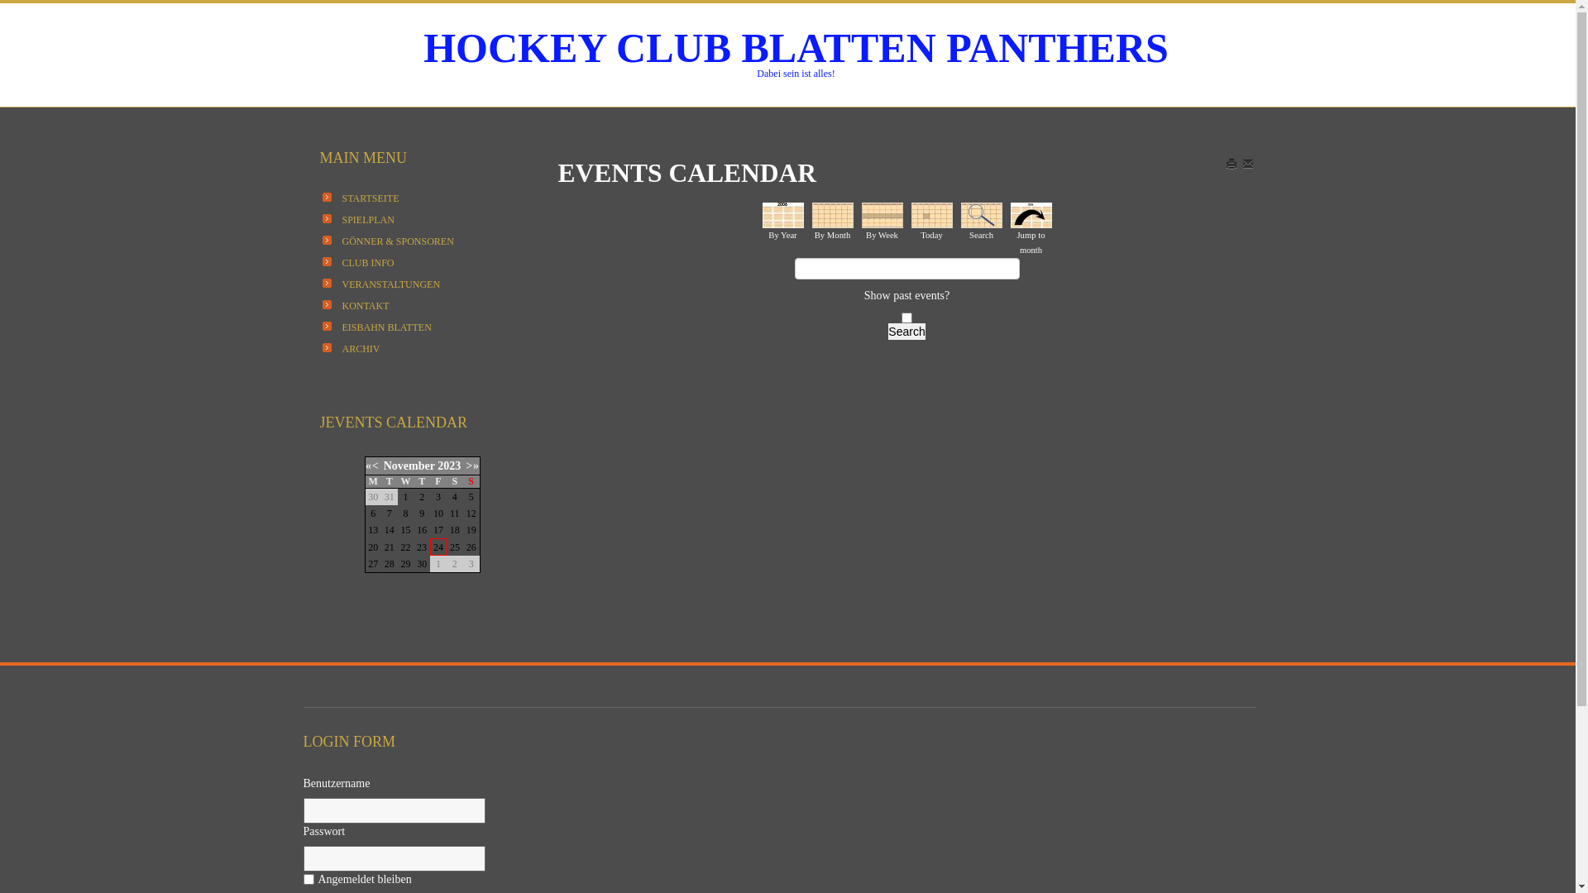  Describe the element at coordinates (400, 546) in the screenshot. I see `'22'` at that location.